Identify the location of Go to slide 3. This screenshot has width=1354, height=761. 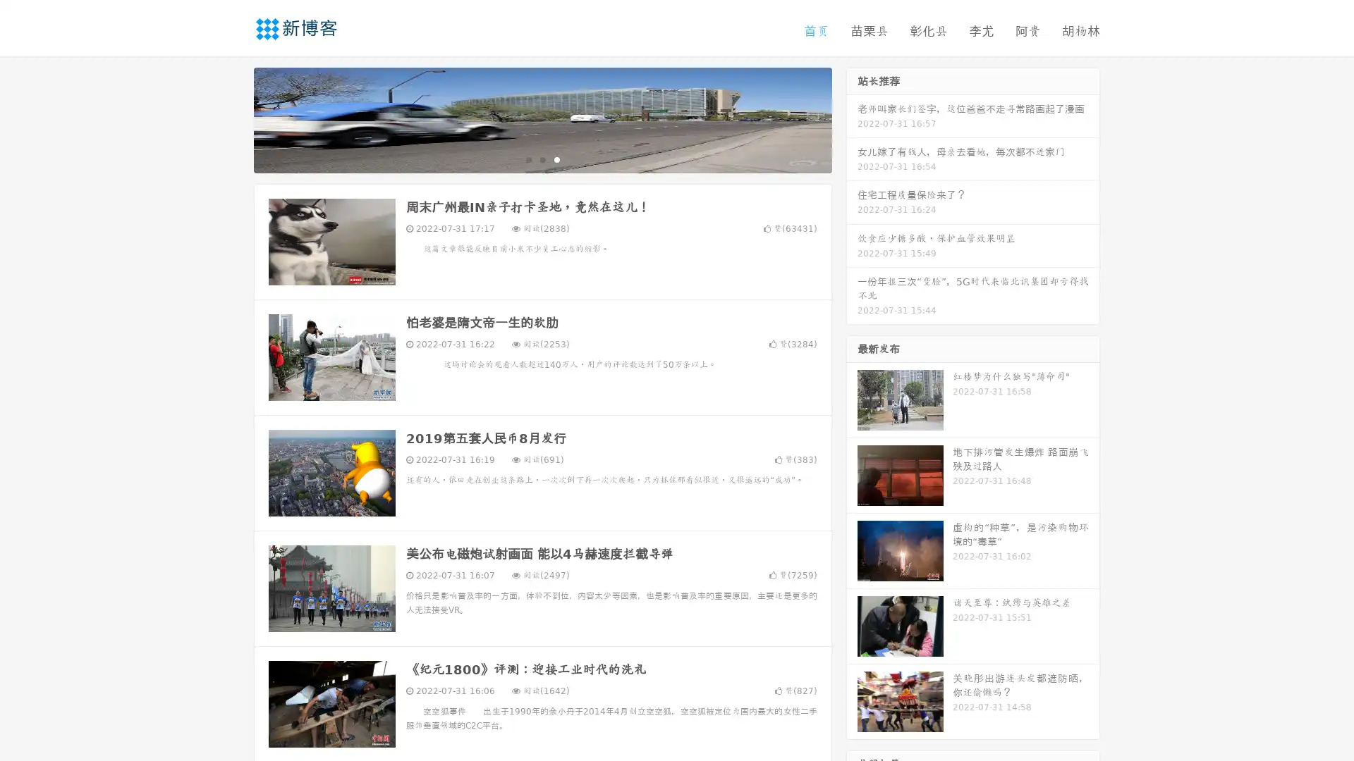
(556, 159).